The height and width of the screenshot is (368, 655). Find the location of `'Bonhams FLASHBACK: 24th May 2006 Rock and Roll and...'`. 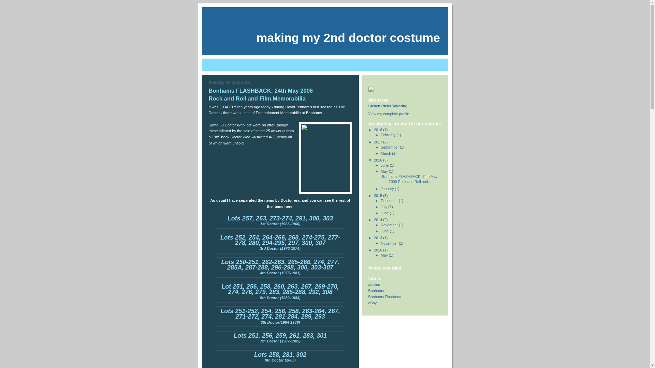

'Bonhams FLASHBACK: 24th May 2006 Rock and Roll and...' is located at coordinates (409, 179).